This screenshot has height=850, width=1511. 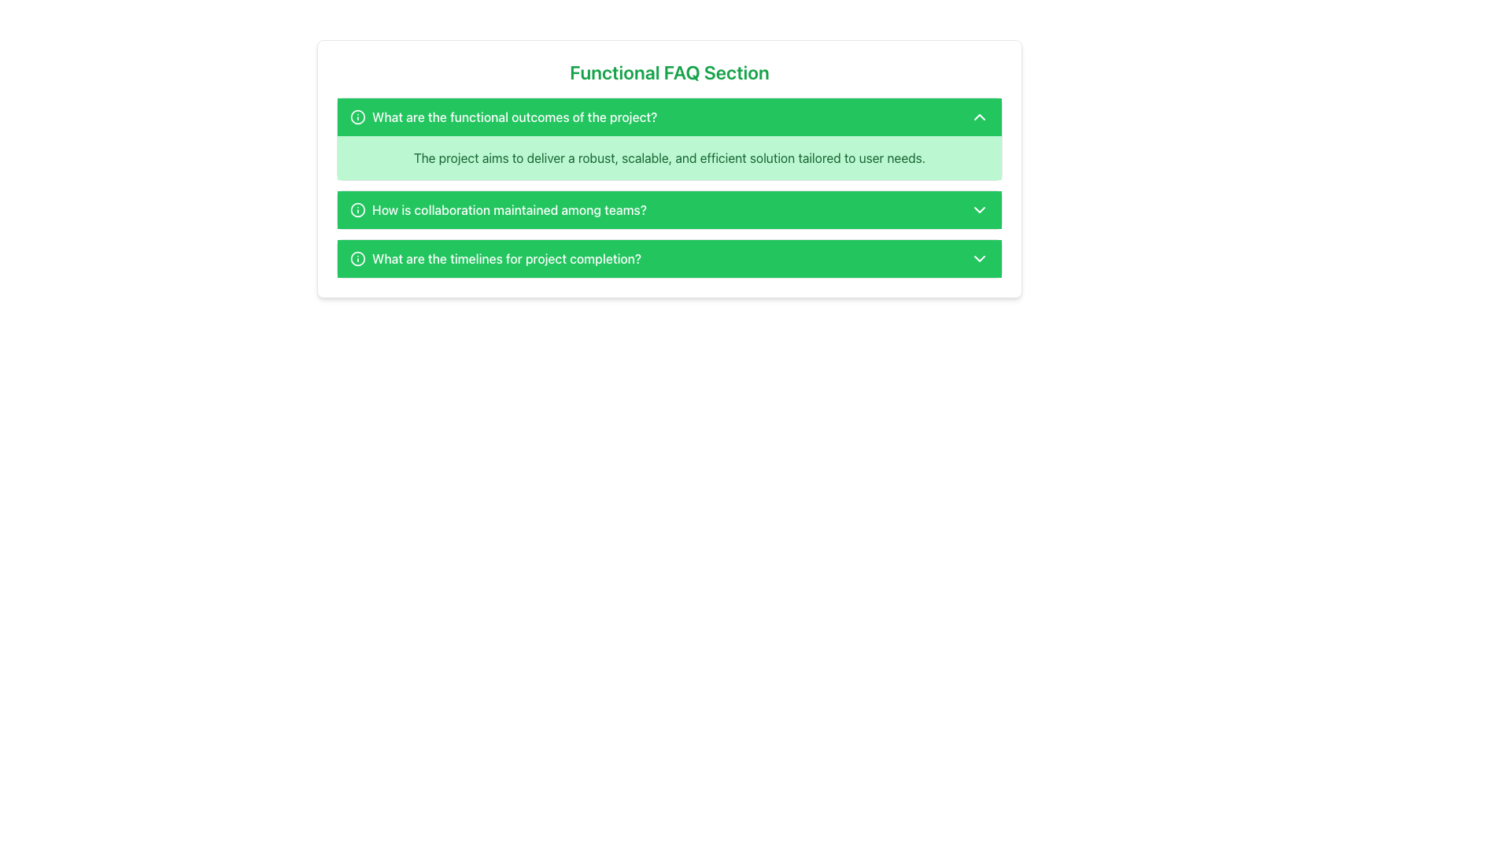 What do you see at coordinates (978, 209) in the screenshot?
I see `the downward-pointing chevron icon with a green background in the header bar` at bounding box center [978, 209].